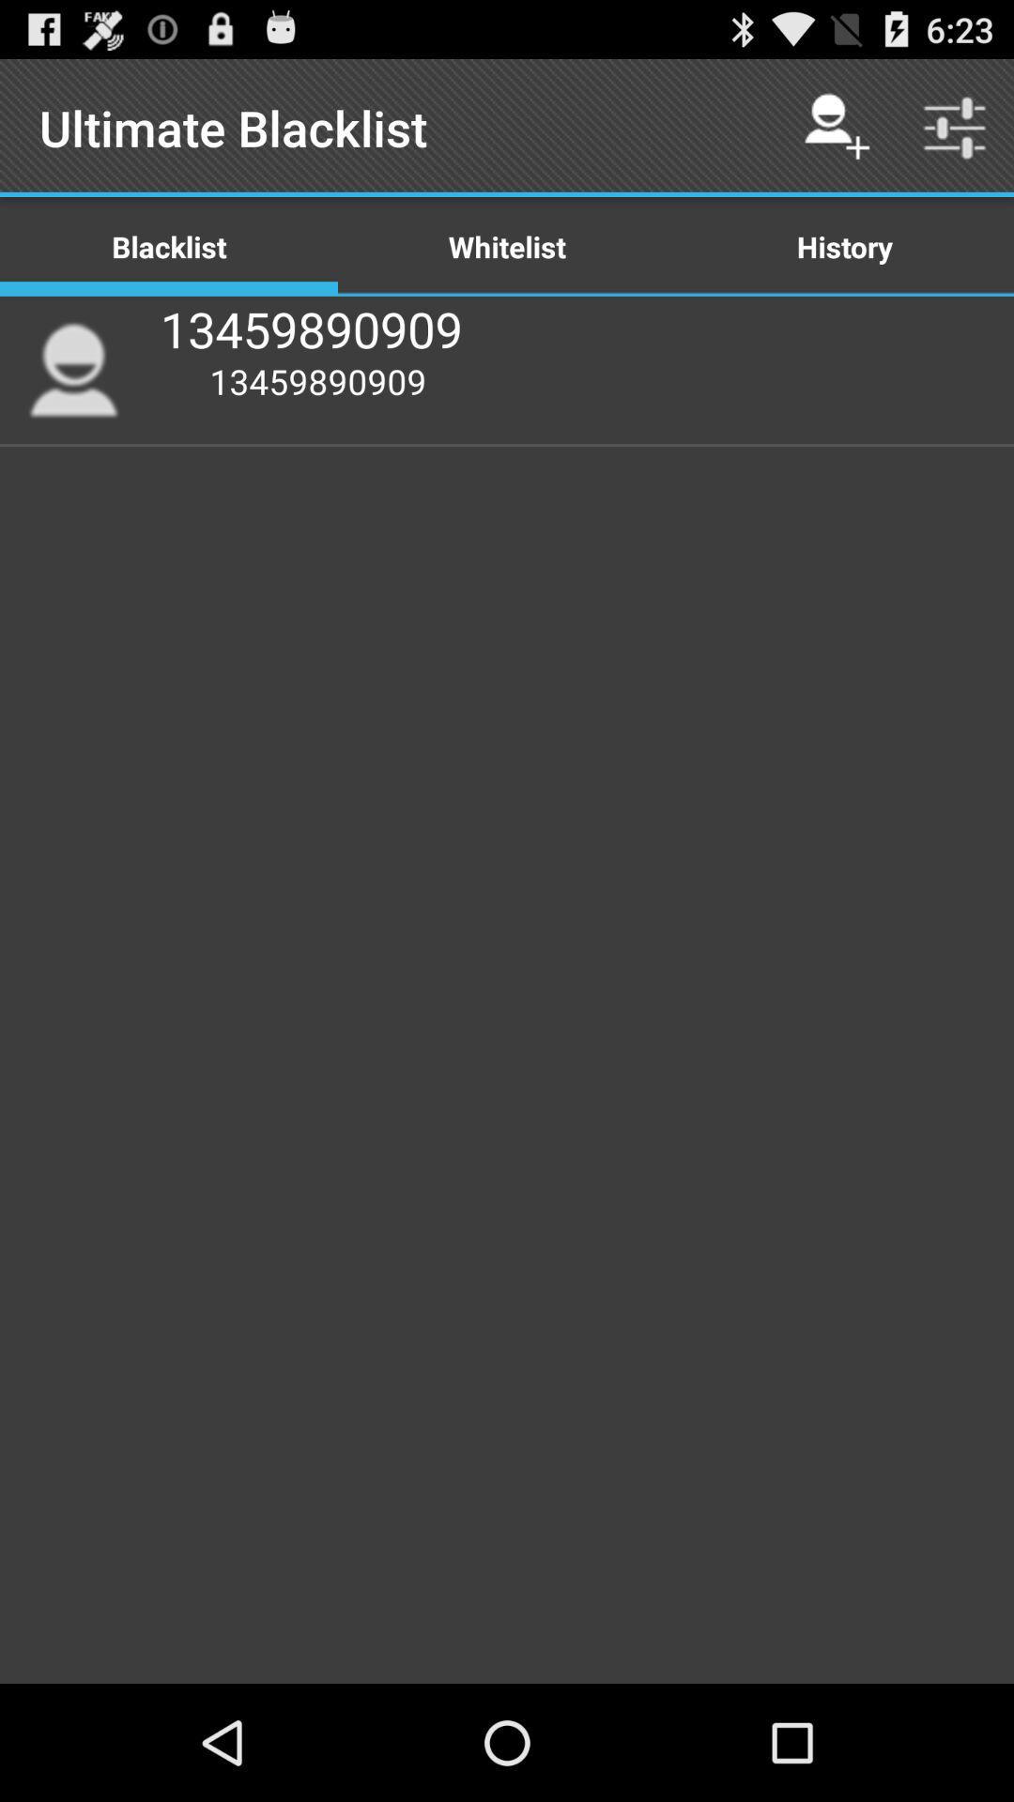 The height and width of the screenshot is (1802, 1014). Describe the element at coordinates (507, 245) in the screenshot. I see `the item to the right of the blacklist` at that location.